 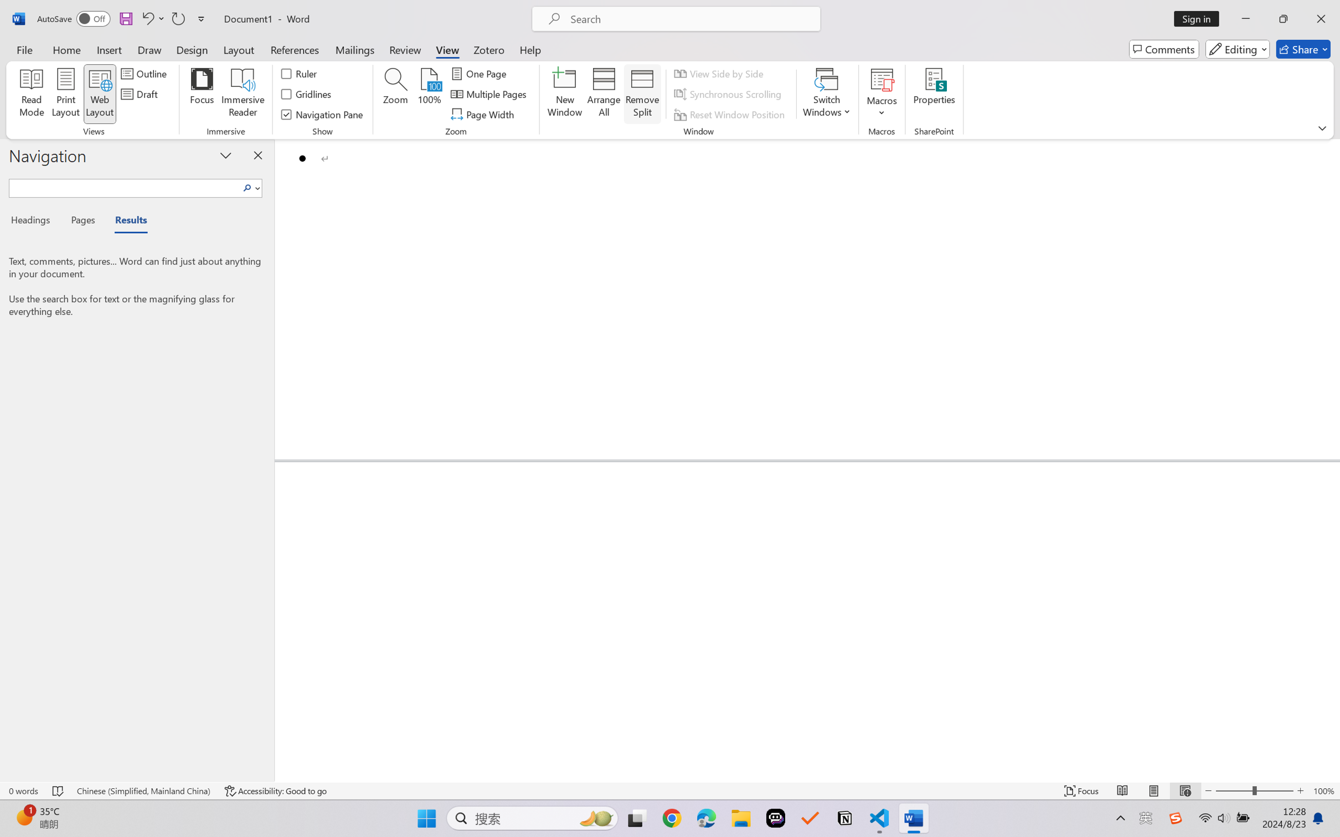 What do you see at coordinates (147, 18) in the screenshot?
I see `'Undo Bullet Default'` at bounding box center [147, 18].